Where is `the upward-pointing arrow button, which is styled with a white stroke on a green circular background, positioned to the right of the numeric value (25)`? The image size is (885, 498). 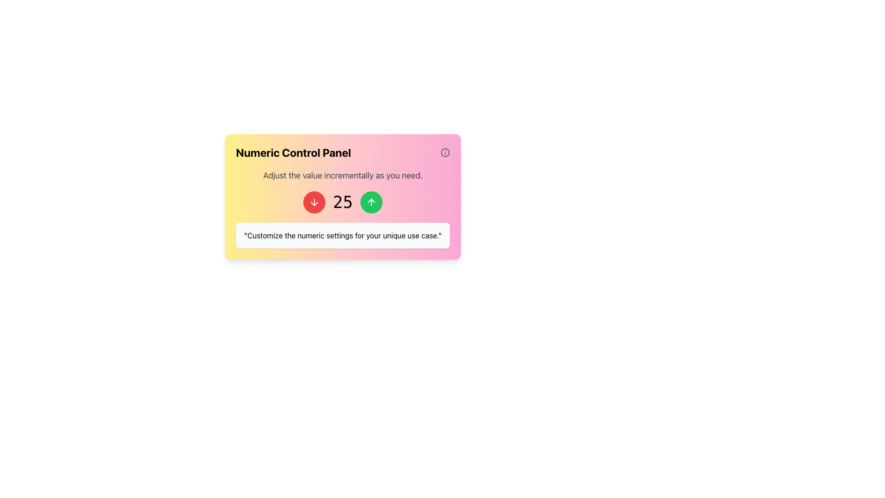 the upward-pointing arrow button, which is styled with a white stroke on a green circular background, positioned to the right of the numeric value (25) is located at coordinates (371, 202).